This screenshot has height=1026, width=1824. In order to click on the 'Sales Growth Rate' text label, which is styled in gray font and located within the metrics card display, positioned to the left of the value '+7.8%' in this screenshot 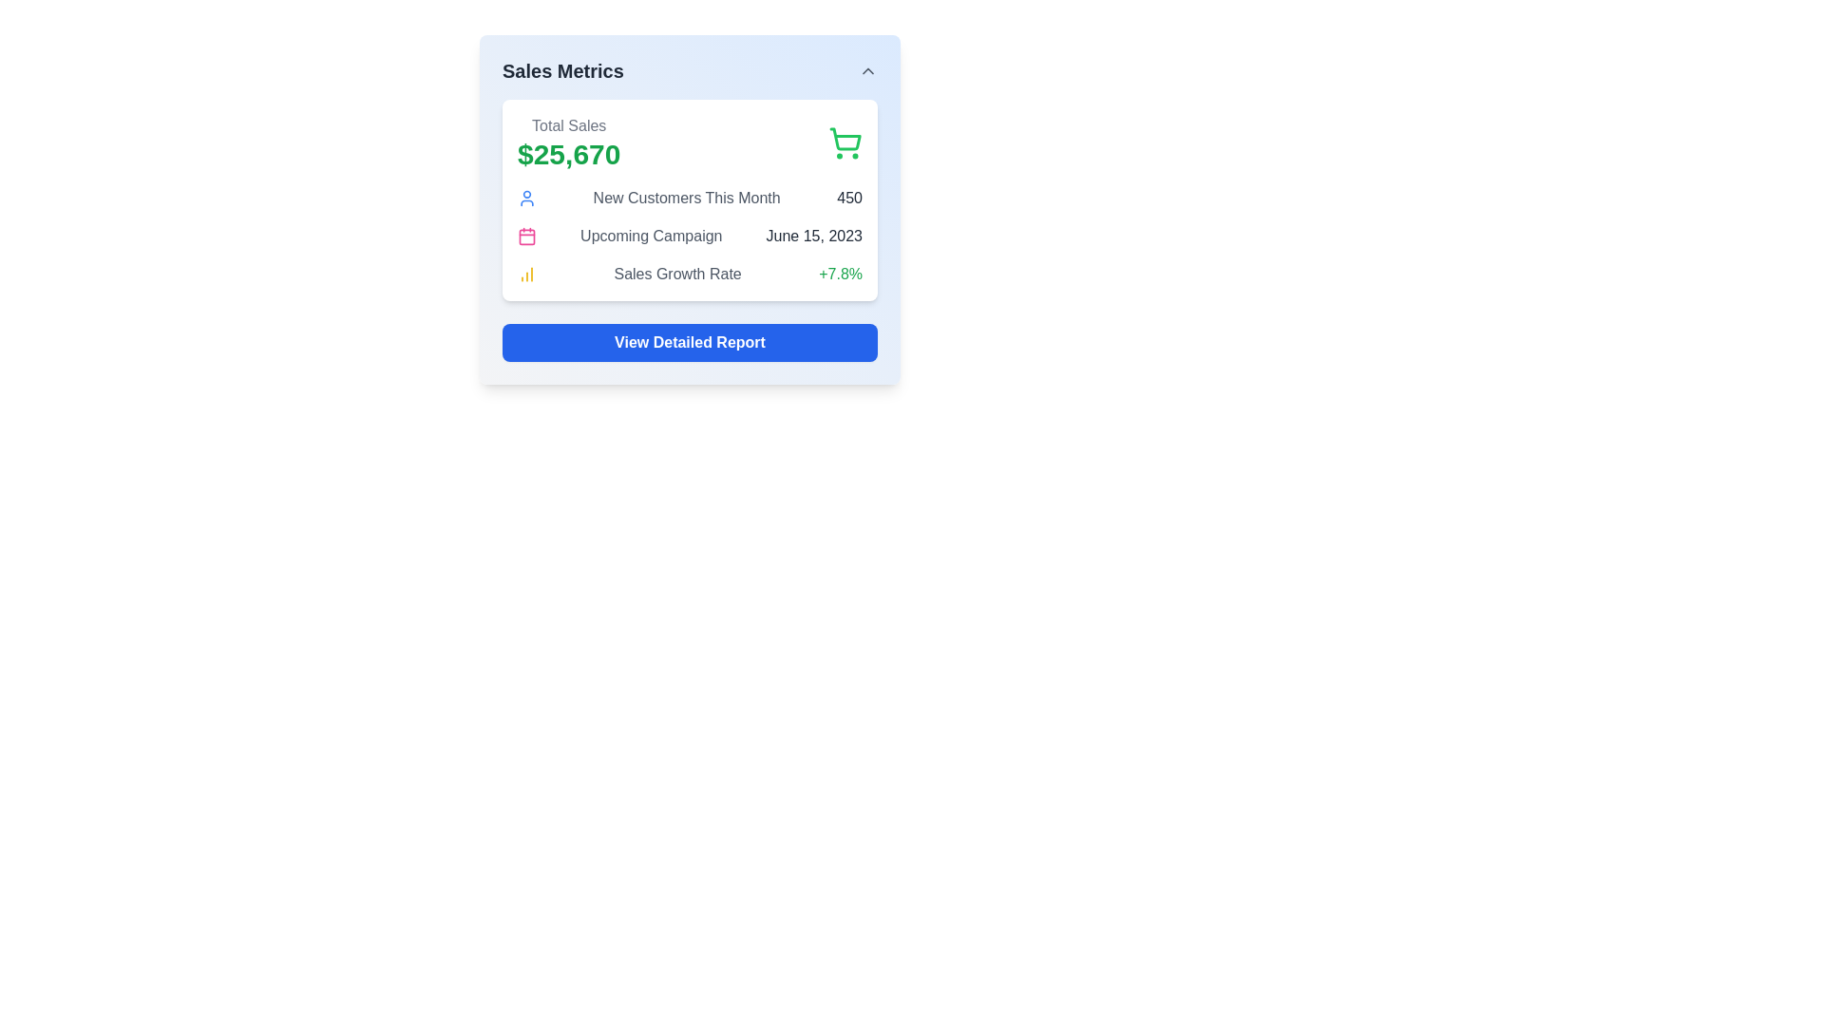, I will do `click(677, 275)`.